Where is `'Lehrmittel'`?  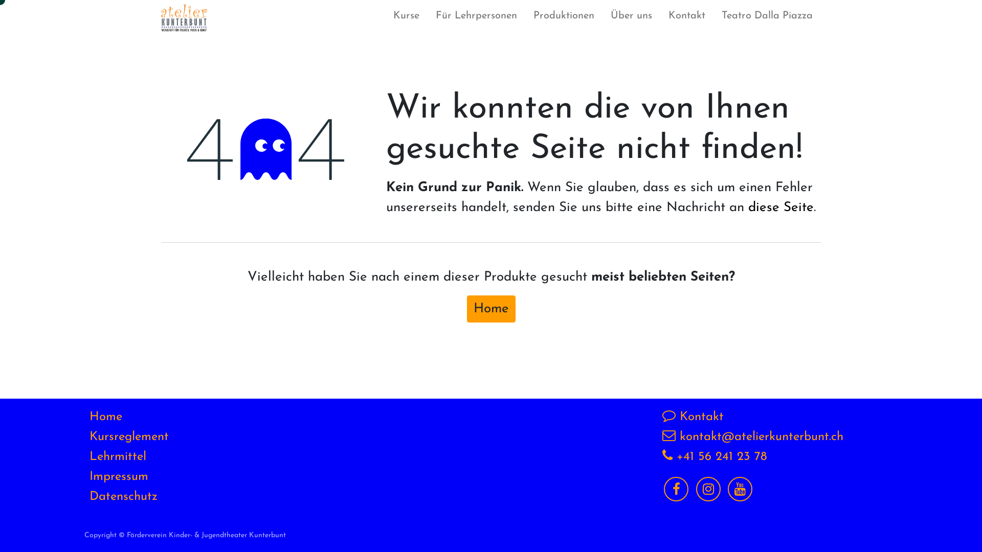
'Lehrmittel' is located at coordinates (89, 456).